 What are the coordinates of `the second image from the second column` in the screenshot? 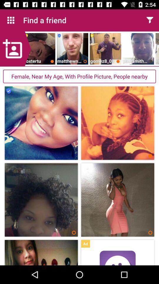 It's located at (117, 200).